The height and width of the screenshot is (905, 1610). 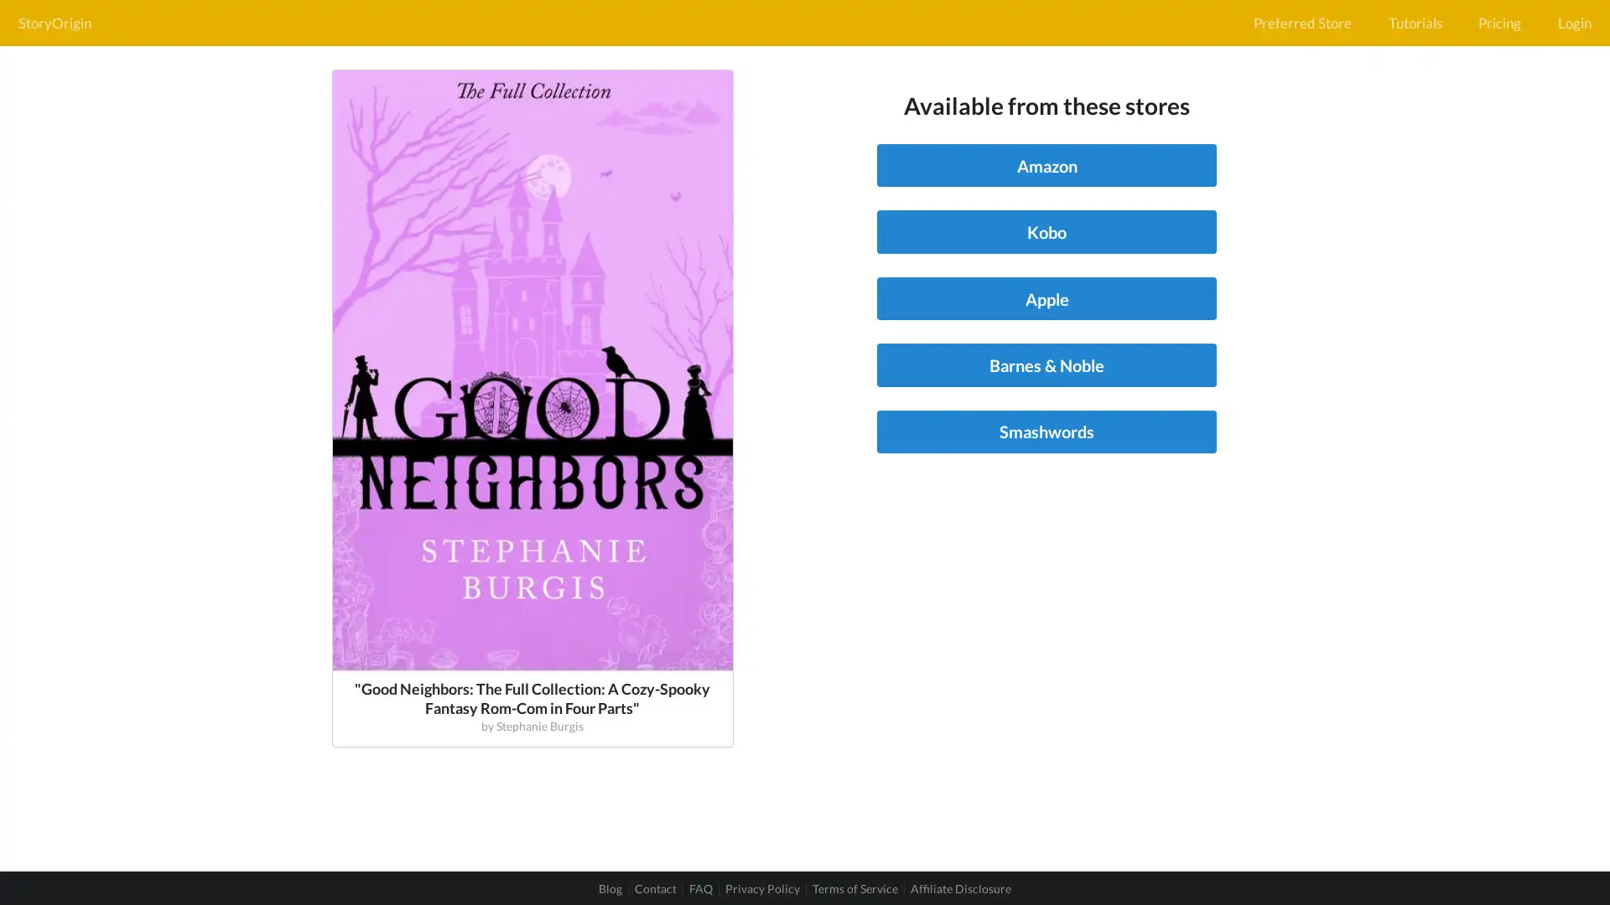 What do you see at coordinates (1046, 165) in the screenshot?
I see `Amazon` at bounding box center [1046, 165].